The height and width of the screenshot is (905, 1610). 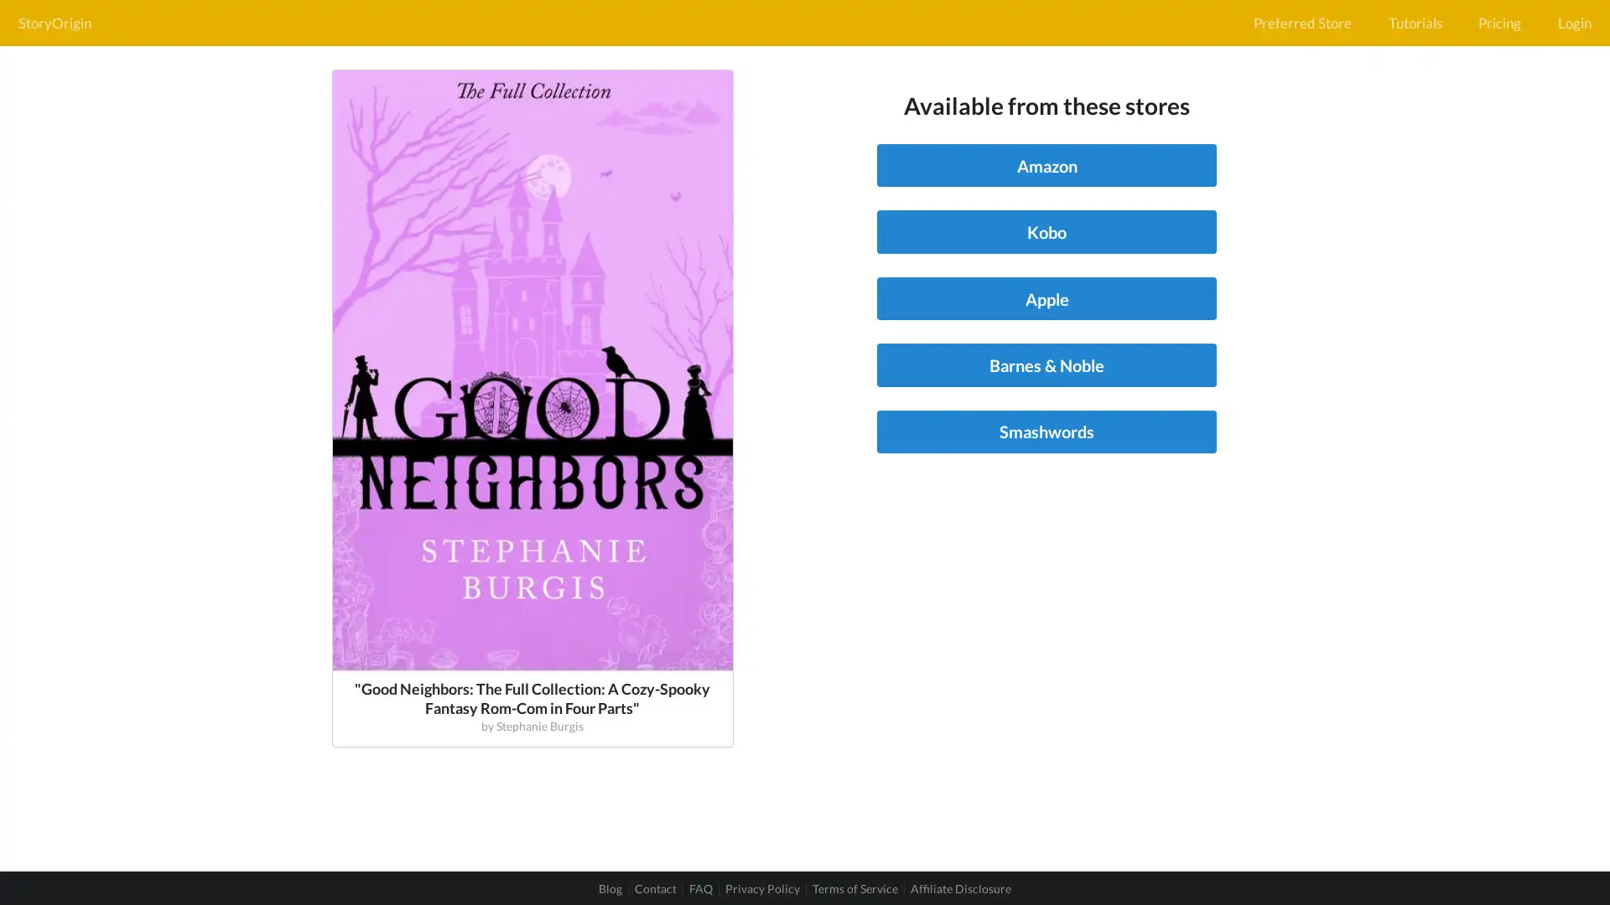 What do you see at coordinates (1046, 165) in the screenshot?
I see `Amazon` at bounding box center [1046, 165].